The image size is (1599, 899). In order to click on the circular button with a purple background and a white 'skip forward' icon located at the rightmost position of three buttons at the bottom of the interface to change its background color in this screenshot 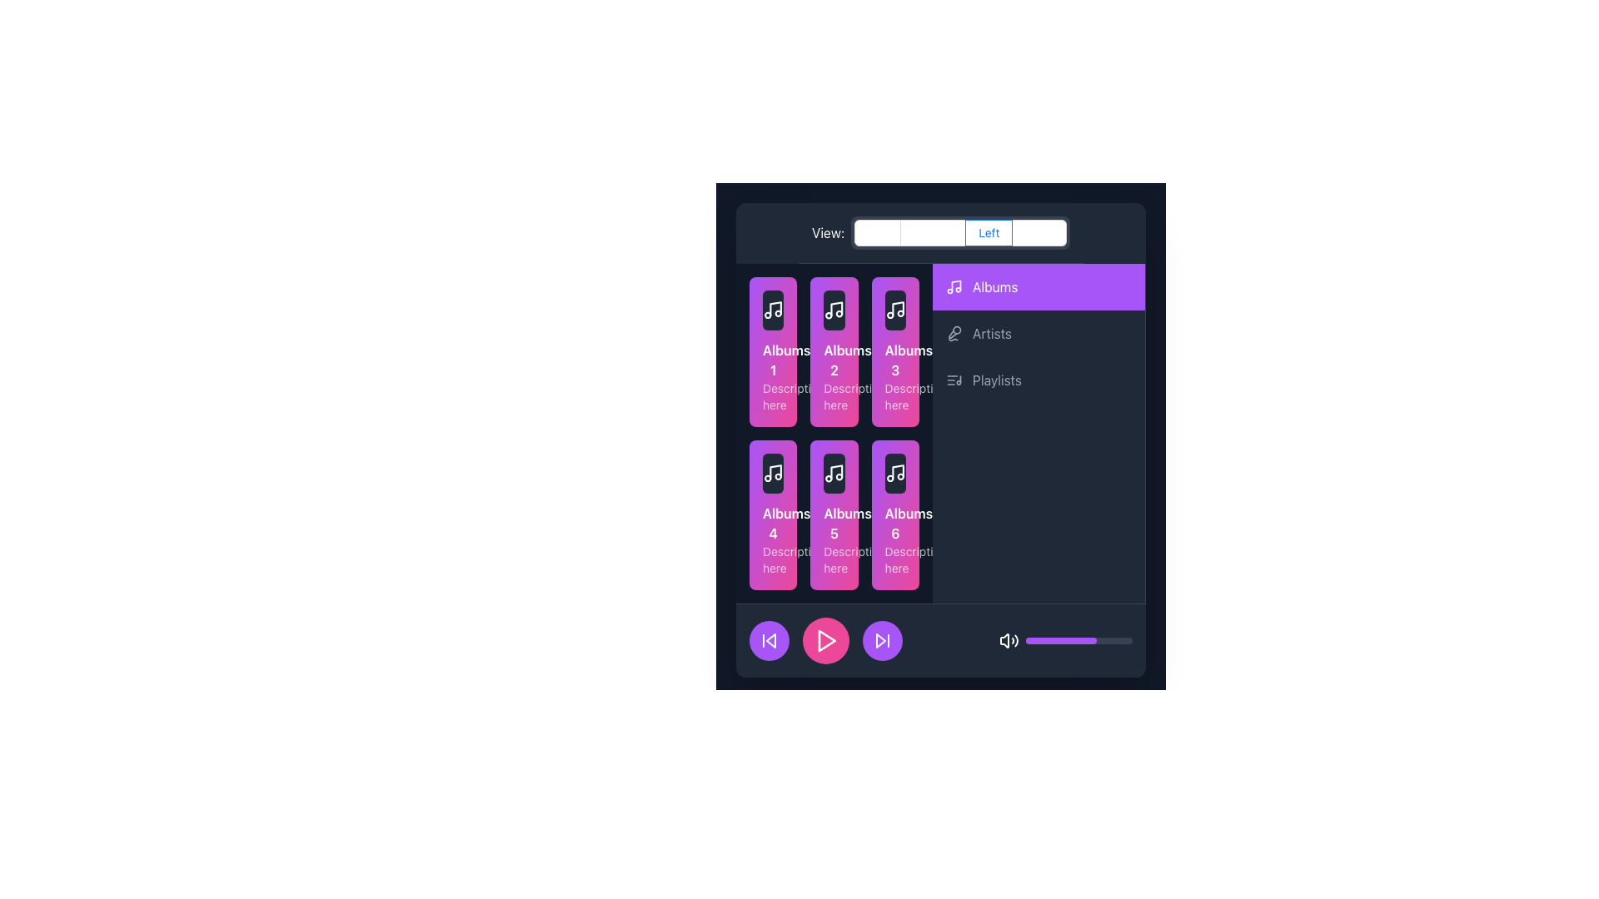, I will do `click(882, 640)`.